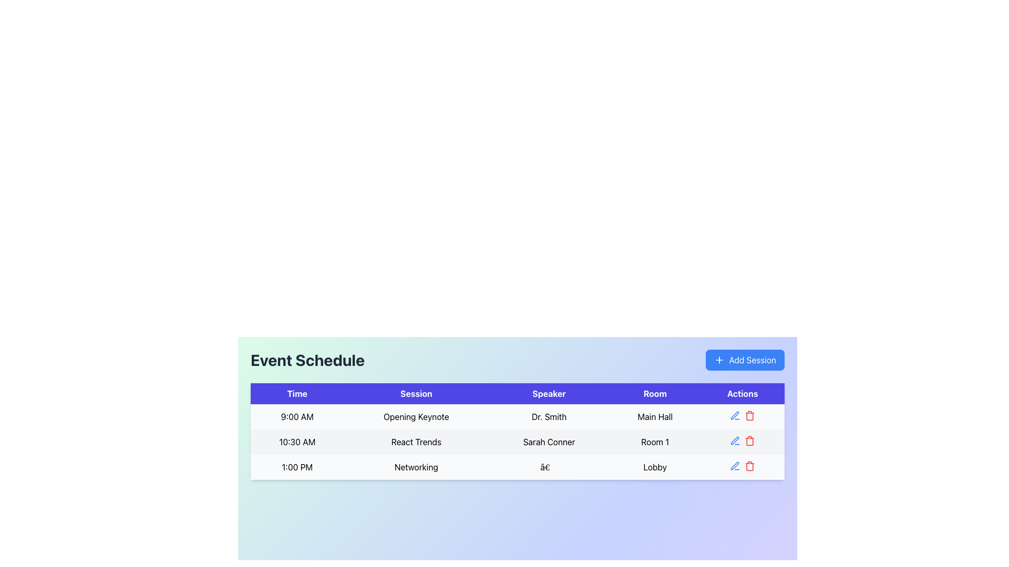 The image size is (1009, 567). I want to click on the edit button for the 'Networking' session scheduled at 1:00 PM in the 'Lobby', so click(735, 465).